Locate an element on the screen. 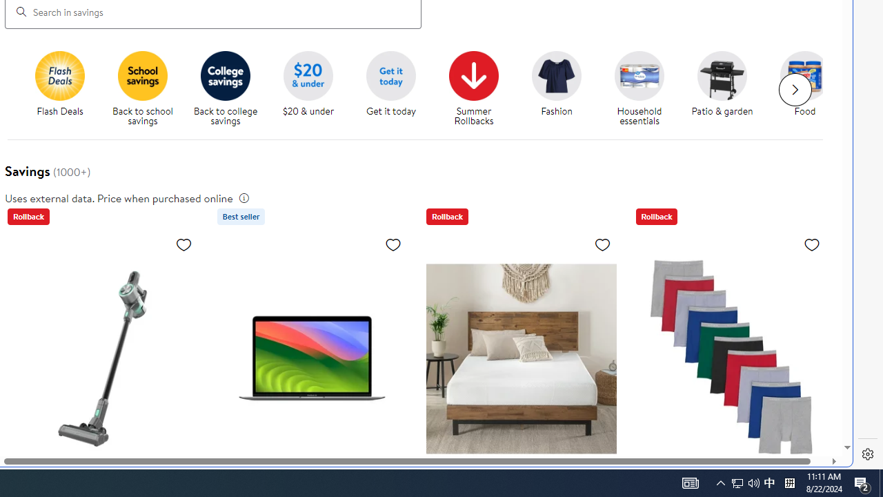 This screenshot has height=497, width=883. 'Hanes Men' is located at coordinates (730, 358).